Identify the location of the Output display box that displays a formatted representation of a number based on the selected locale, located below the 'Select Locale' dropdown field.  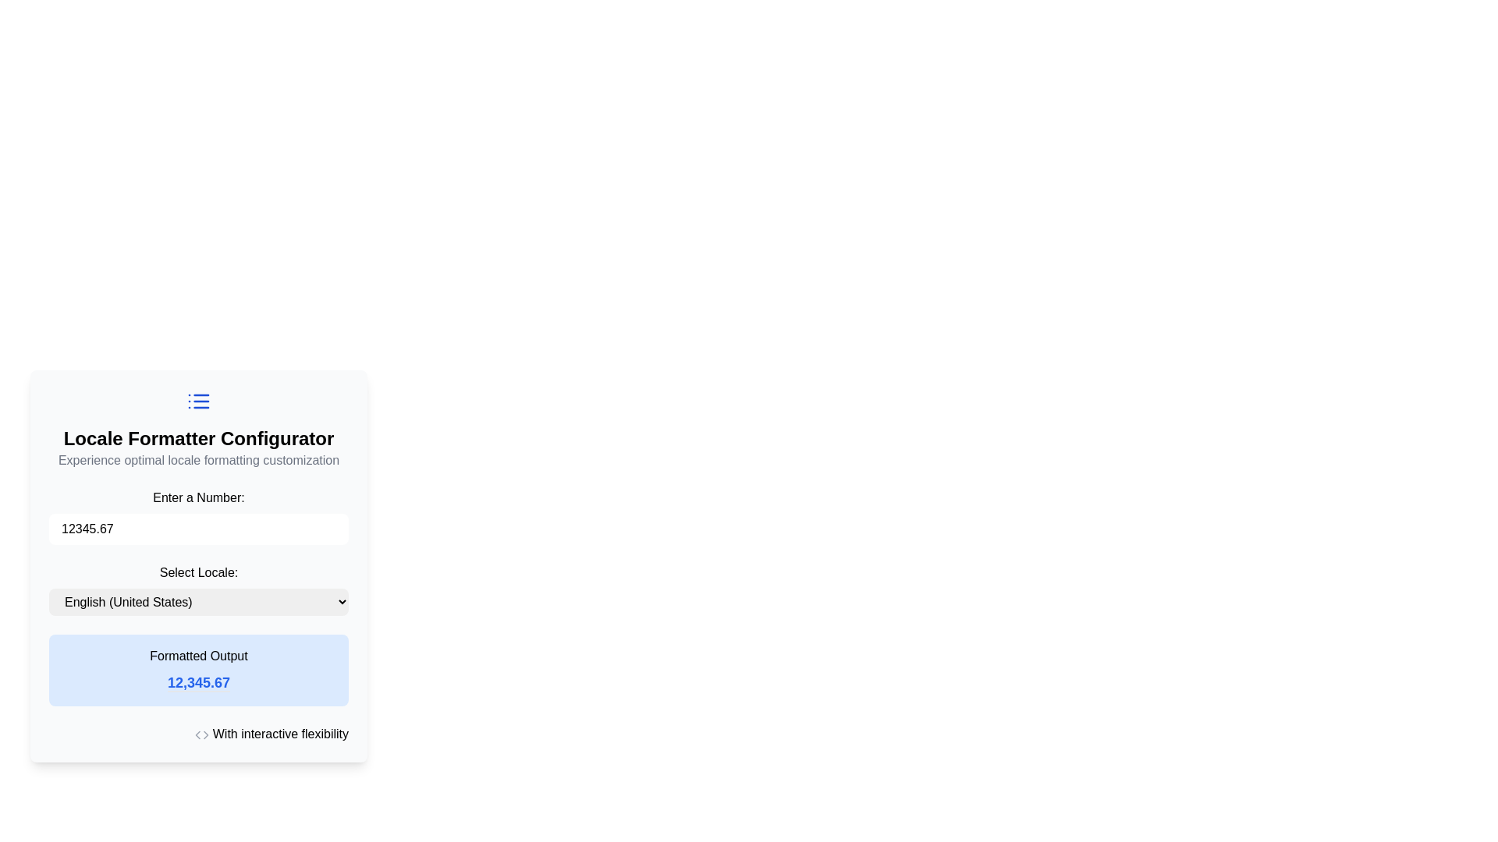
(197, 670).